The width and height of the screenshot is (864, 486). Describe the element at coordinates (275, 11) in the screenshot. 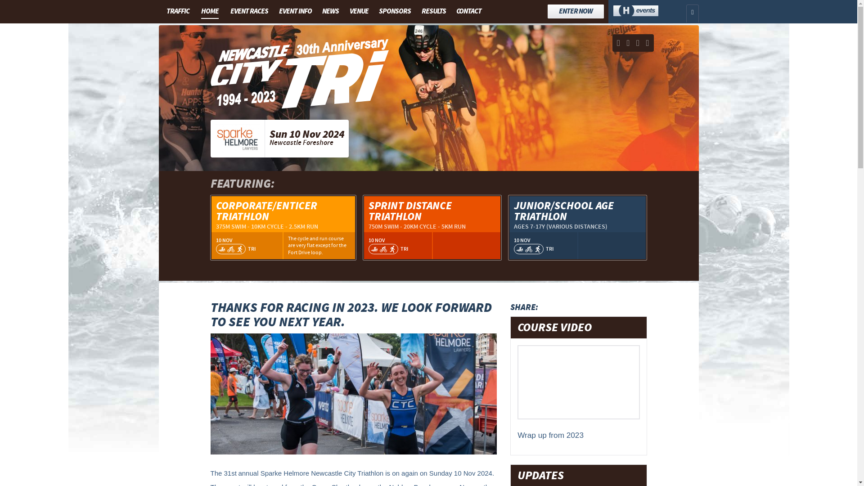

I see `'EVENT INFO'` at that location.